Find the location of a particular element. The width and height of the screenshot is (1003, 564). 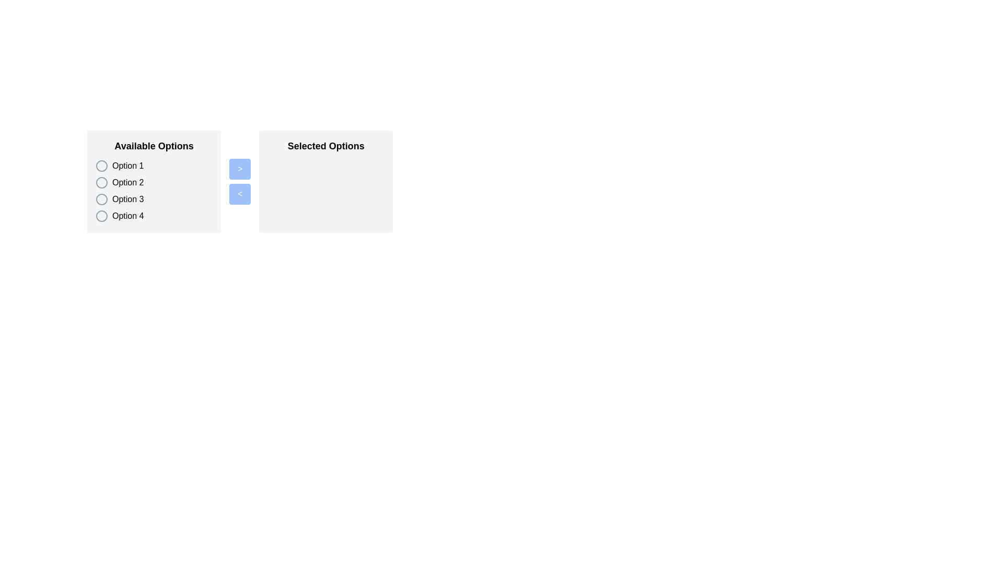

the circular selection indicator for 'Option 3' in the 'Available Options' section is located at coordinates (153, 199).